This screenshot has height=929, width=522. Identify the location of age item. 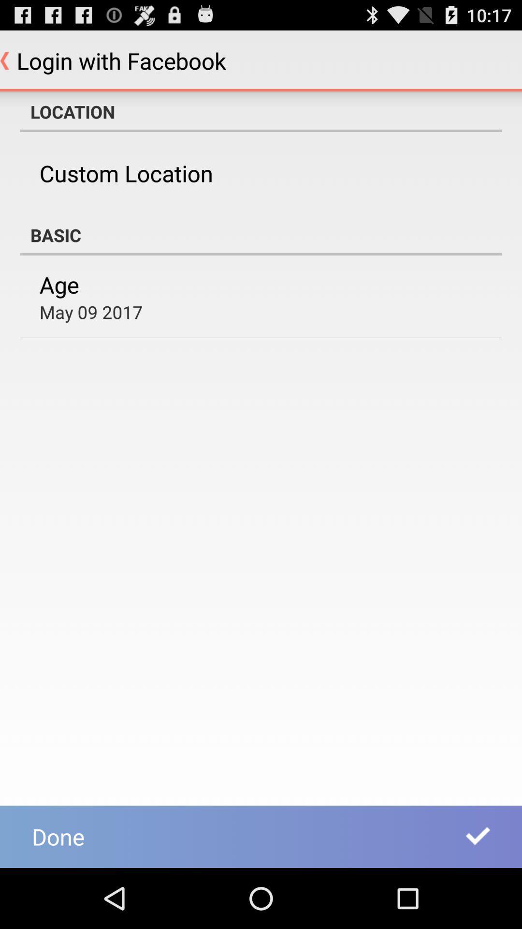
(59, 284).